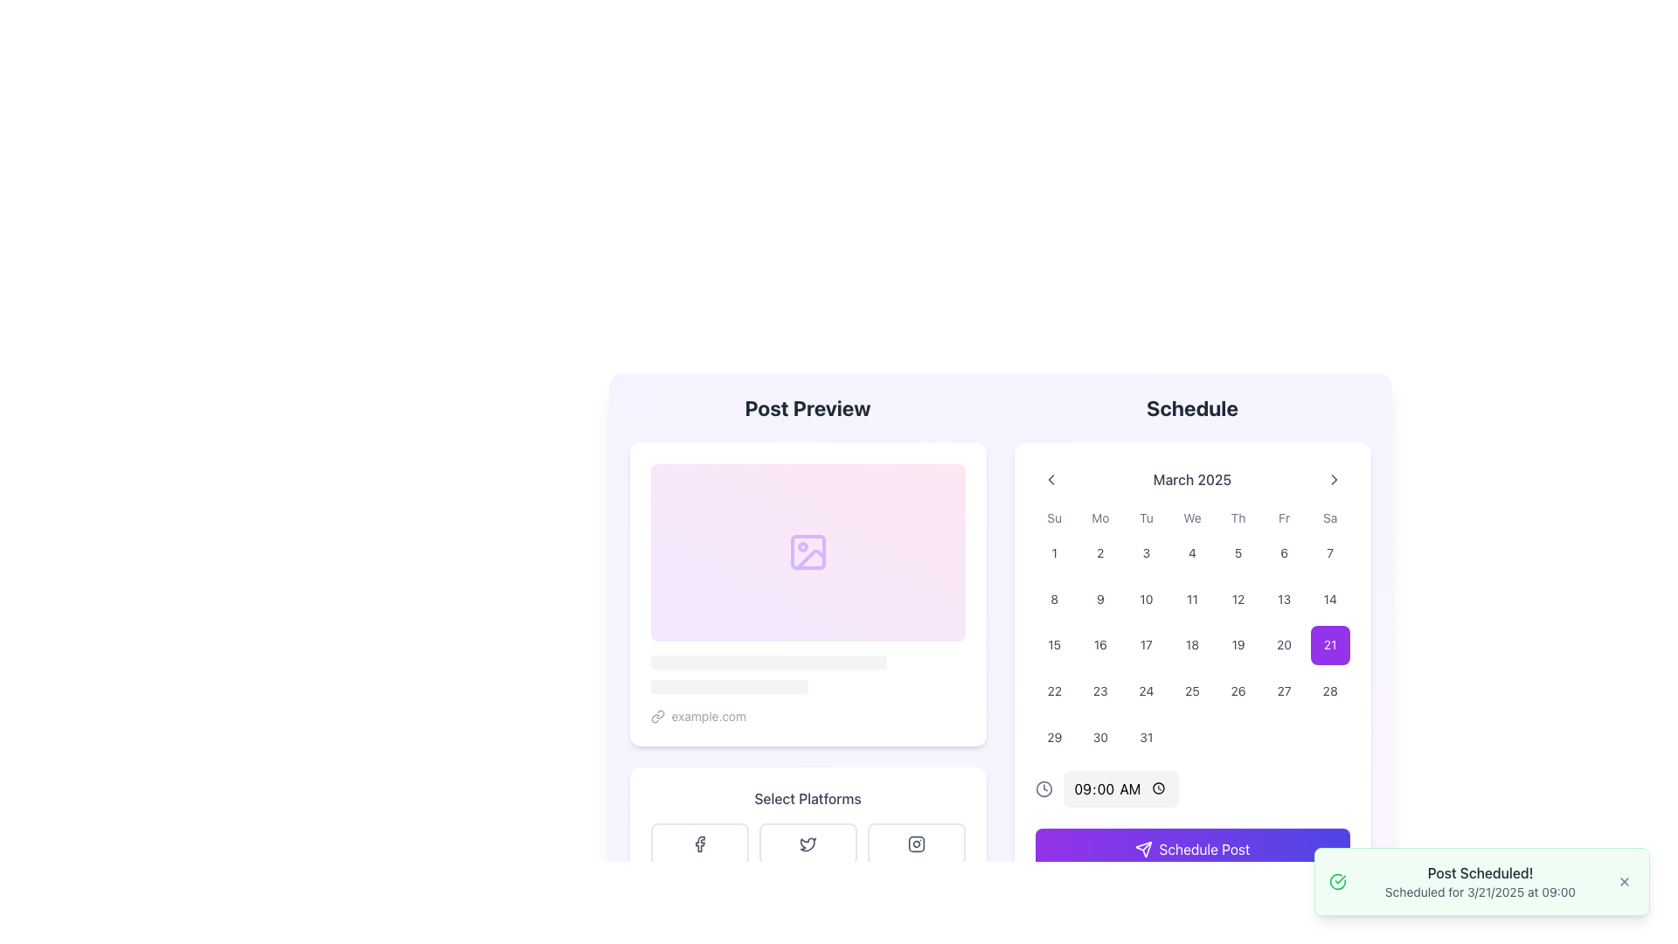 This screenshot has height=944, width=1678. What do you see at coordinates (1238, 553) in the screenshot?
I see `the button` at bounding box center [1238, 553].